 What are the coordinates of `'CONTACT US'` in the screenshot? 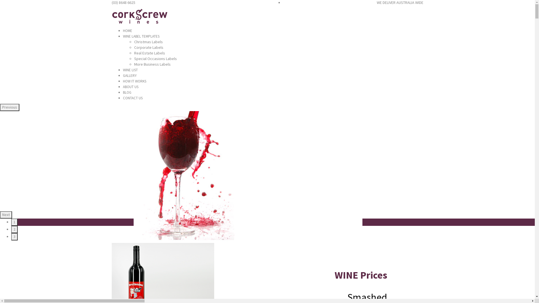 It's located at (133, 98).